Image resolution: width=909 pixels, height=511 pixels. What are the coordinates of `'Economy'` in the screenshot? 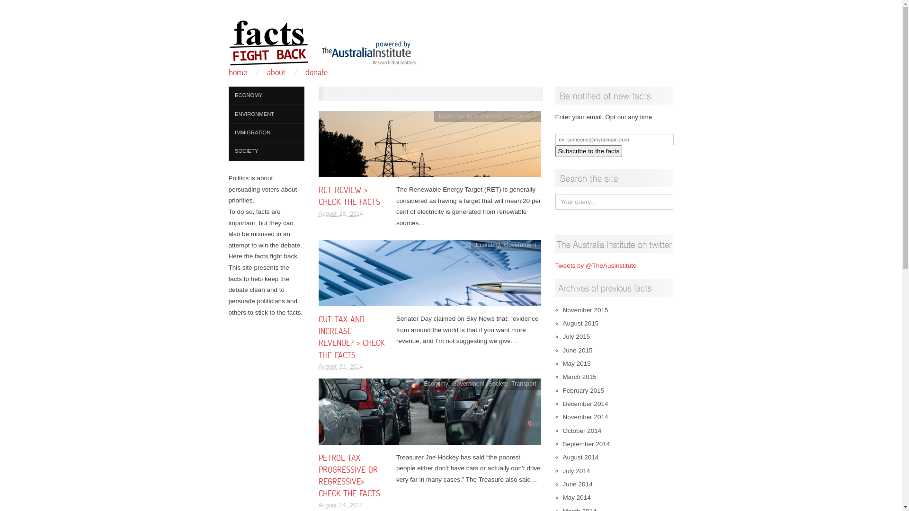 It's located at (436, 383).